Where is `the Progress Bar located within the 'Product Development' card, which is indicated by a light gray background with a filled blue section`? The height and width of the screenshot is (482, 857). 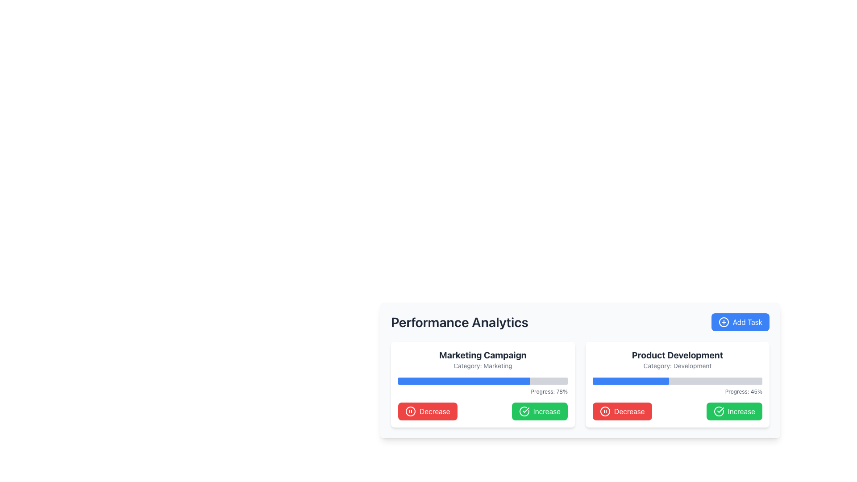 the Progress Bar located within the 'Product Development' card, which is indicated by a light gray background with a filled blue section is located at coordinates (677, 381).